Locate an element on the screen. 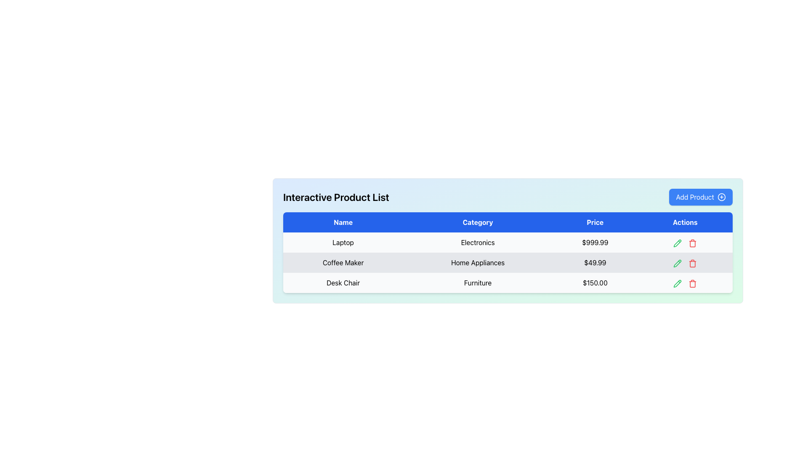 The height and width of the screenshot is (454, 808). the static text displaying the price of the 'Coffee Maker' item in the product list, located in the 'Price' column of the corresponding row is located at coordinates (595, 262).